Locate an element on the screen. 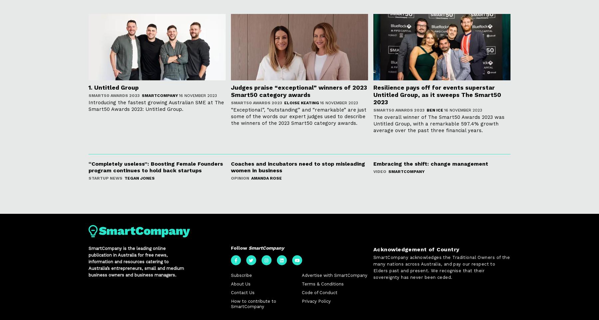 The width and height of the screenshot is (599, 320). '1. Untitled Group' is located at coordinates (113, 87).